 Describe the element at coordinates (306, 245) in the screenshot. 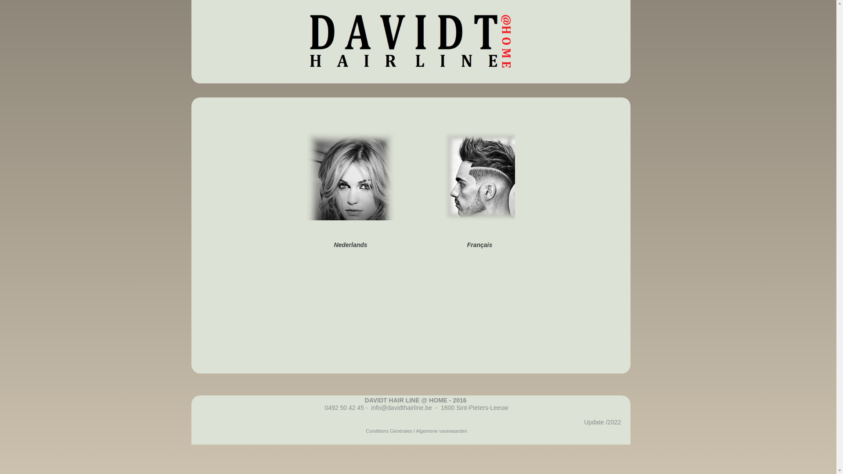

I see `'Nederlands'` at that location.